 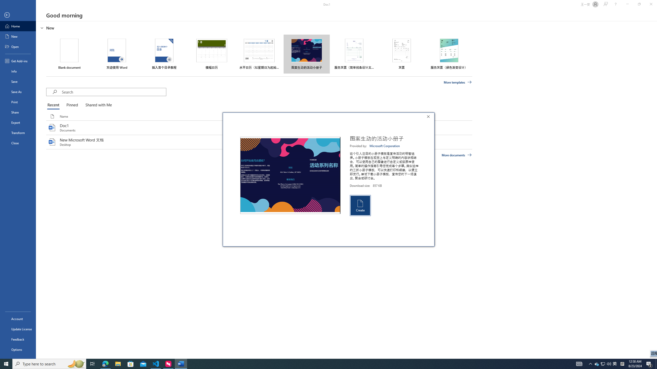 I want to click on 'Info', so click(x=18, y=71).